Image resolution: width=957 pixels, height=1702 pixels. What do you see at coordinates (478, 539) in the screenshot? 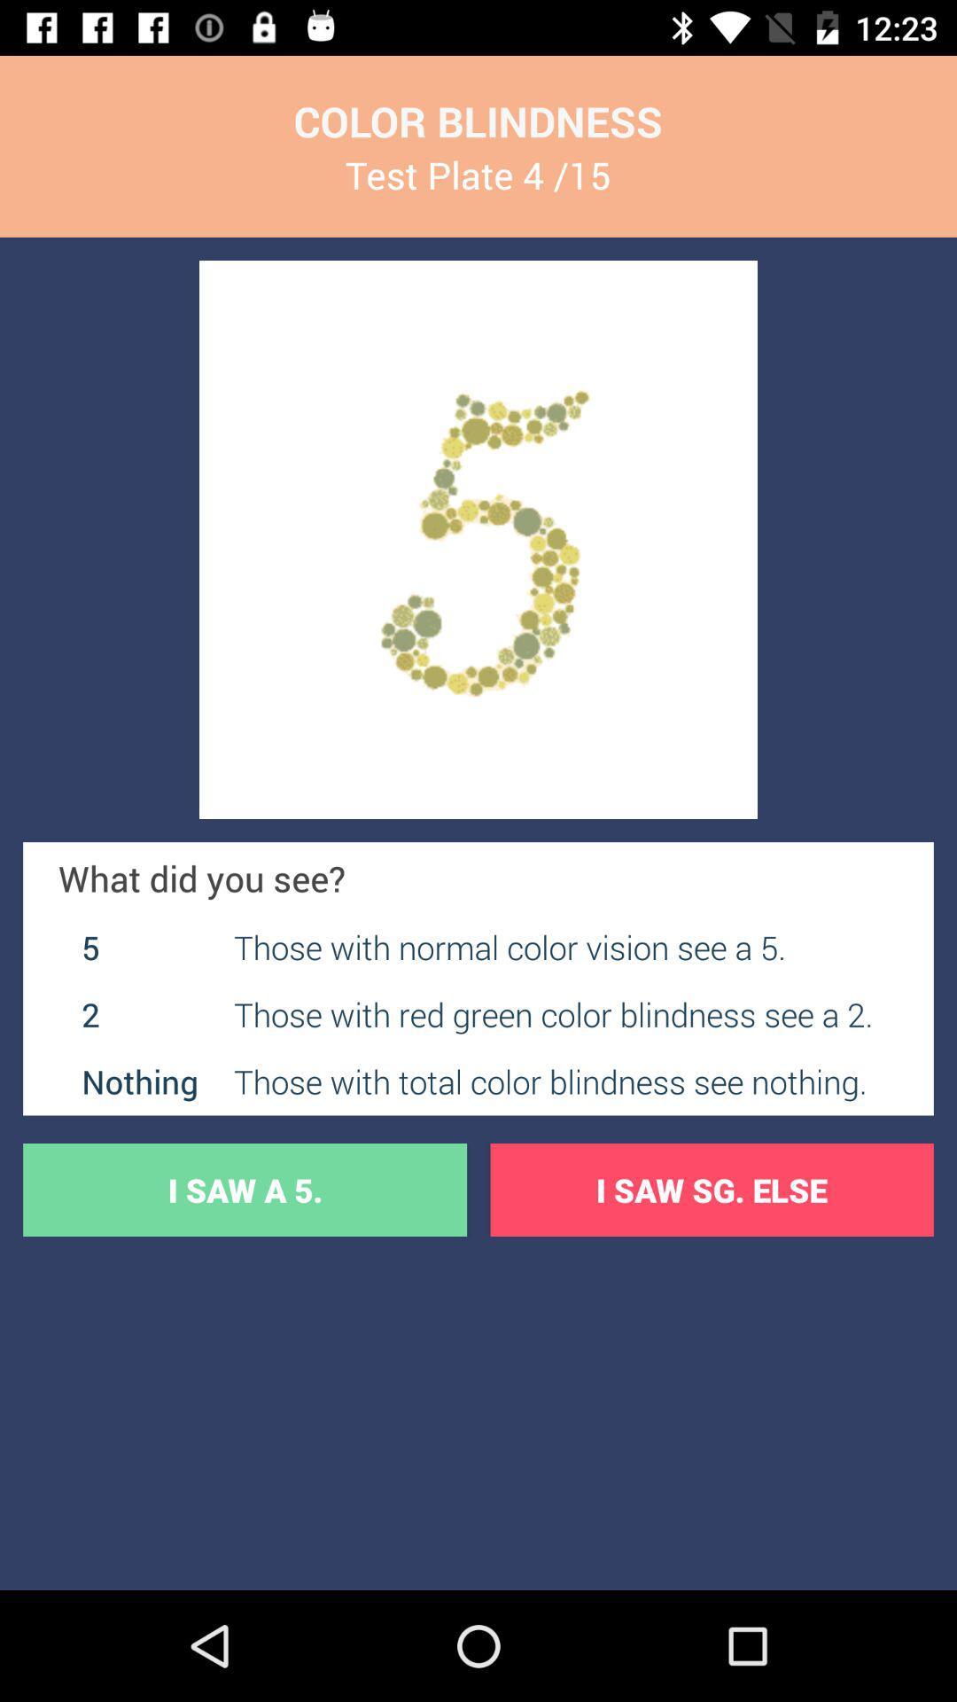
I see `the app above the what did you app` at bounding box center [478, 539].